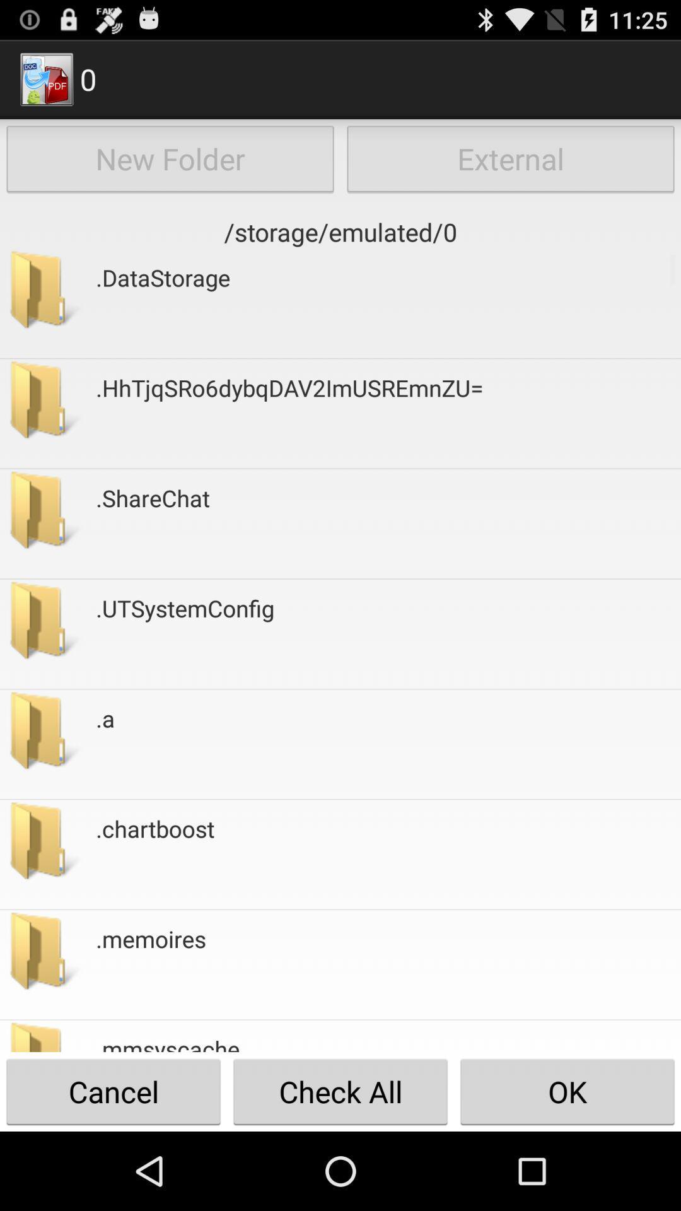  I want to click on cancel icon, so click(113, 1091).